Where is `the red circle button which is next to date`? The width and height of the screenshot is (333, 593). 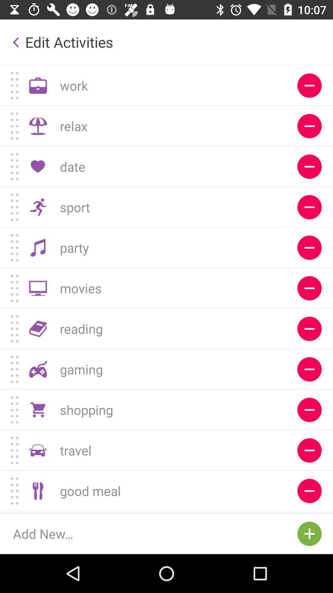 the red circle button which is next to date is located at coordinates (309, 166).